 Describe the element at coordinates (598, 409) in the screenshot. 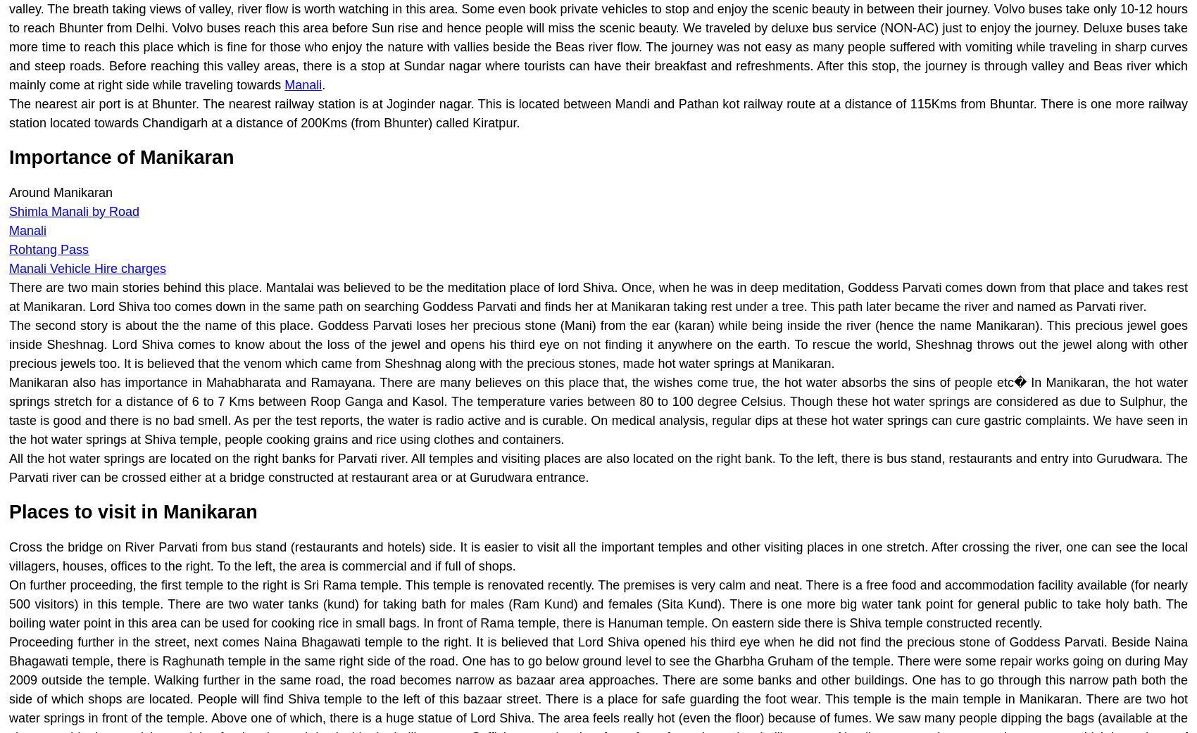

I see `'Manikaran also has importance in Mahabharata and Ramayana. There are many believes on this place that, the wishes come true, the hot water absorbs the sins of people etc� In Manikaran, the hot water springs stretch for a distance of 6 to 7 Kms between Roop Ganga and Kasol. The temperature varies between 80 to 100 degree Celsius. Though these hot water springs are considered as due to Sulphur, the taste is good and there is no bad smell. As per the test reports, the water is radio active and is curable. On medical analysis, regular dips at these hot water springs can cure gastric complaints. We have seen in the hot water springs at Shiva temple, people cooking grains and rice using clothes and containers.'` at that location.